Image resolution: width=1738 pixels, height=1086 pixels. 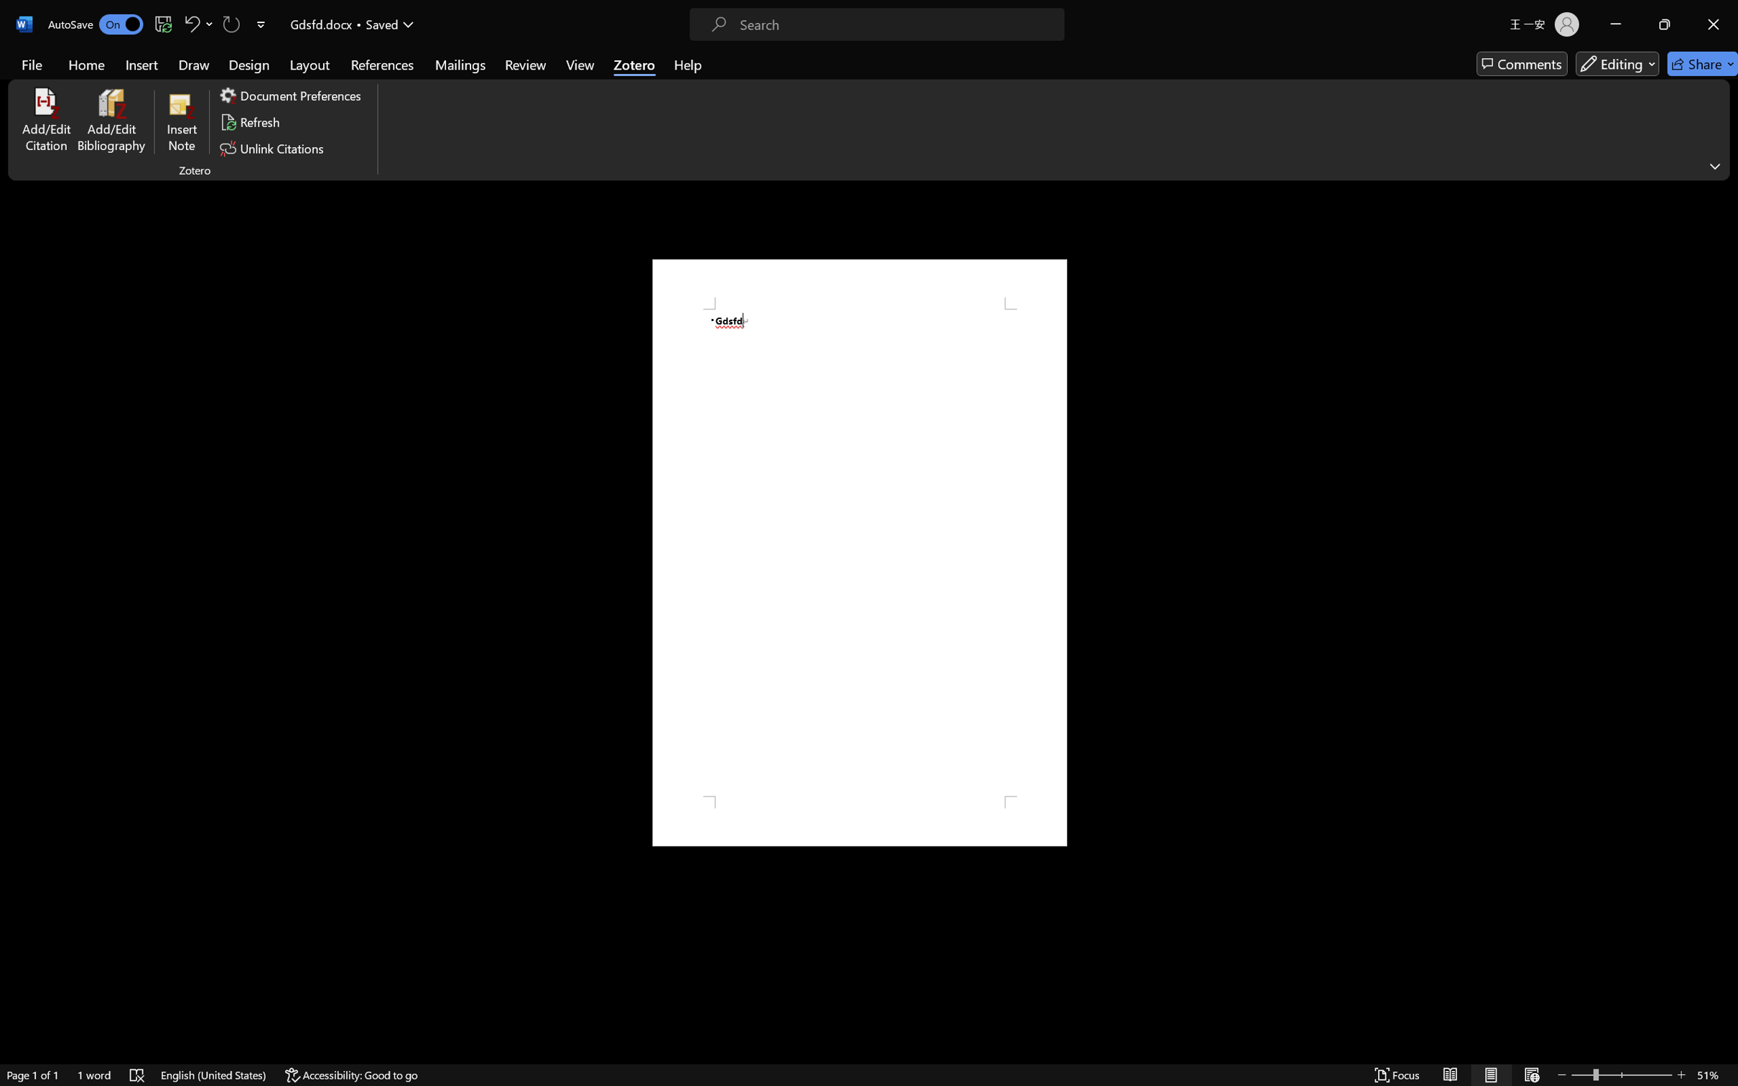 What do you see at coordinates (78, 75) in the screenshot?
I see `'None'` at bounding box center [78, 75].